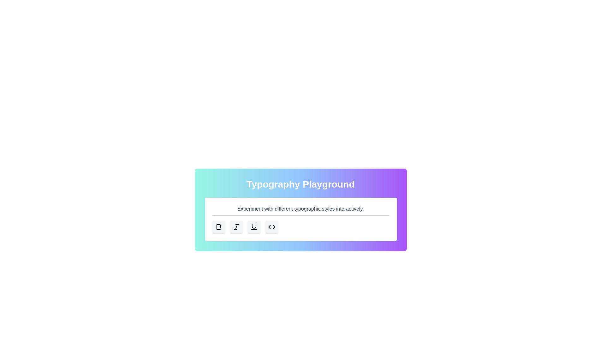 This screenshot has height=341, width=606. I want to click on the italic styling icon, so click(236, 226).